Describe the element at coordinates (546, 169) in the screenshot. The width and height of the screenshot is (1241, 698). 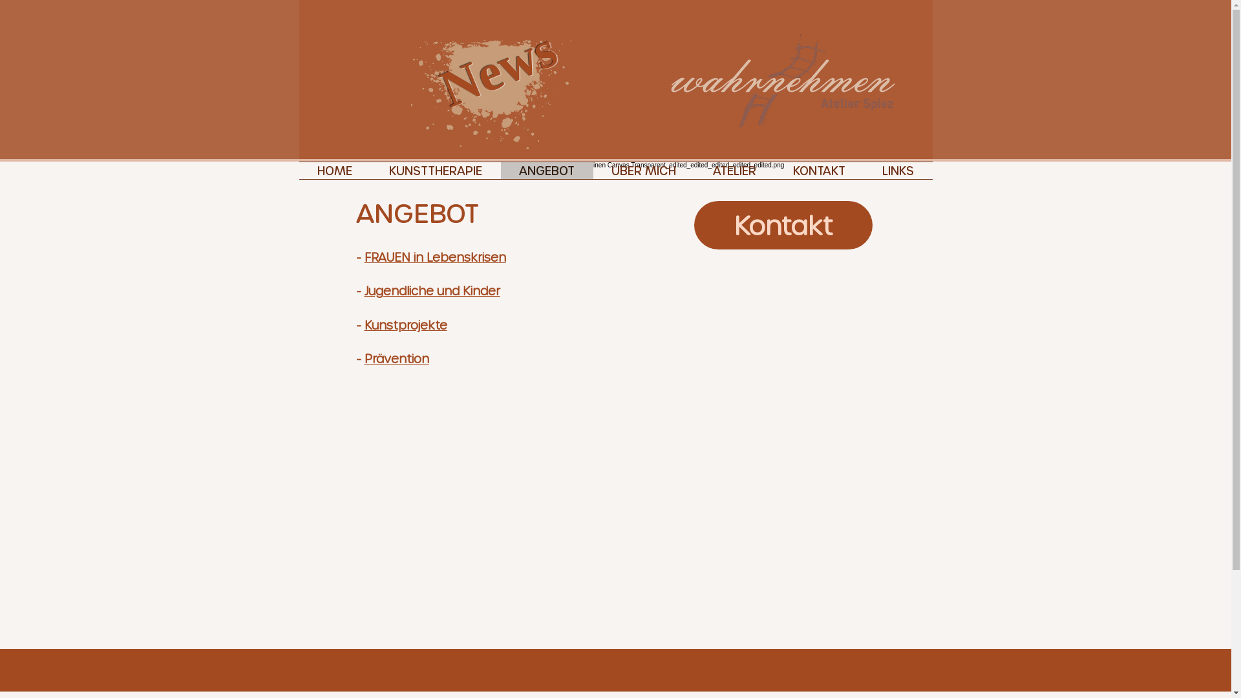
I see `'ANGEBOT'` at that location.